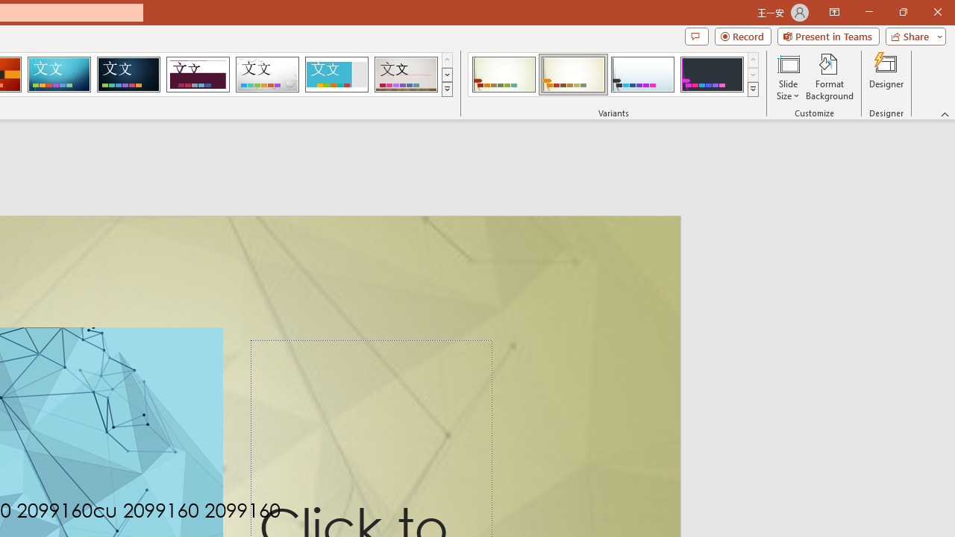 The width and height of the screenshot is (955, 537). What do you see at coordinates (829, 77) in the screenshot?
I see `'Format Background'` at bounding box center [829, 77].